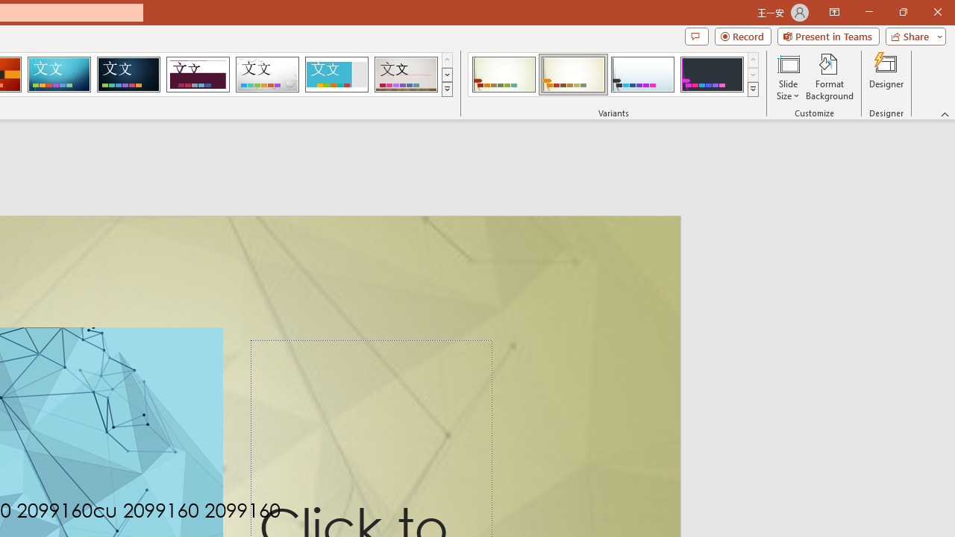 The width and height of the screenshot is (955, 537). What do you see at coordinates (829, 77) in the screenshot?
I see `'Format Background'` at bounding box center [829, 77].